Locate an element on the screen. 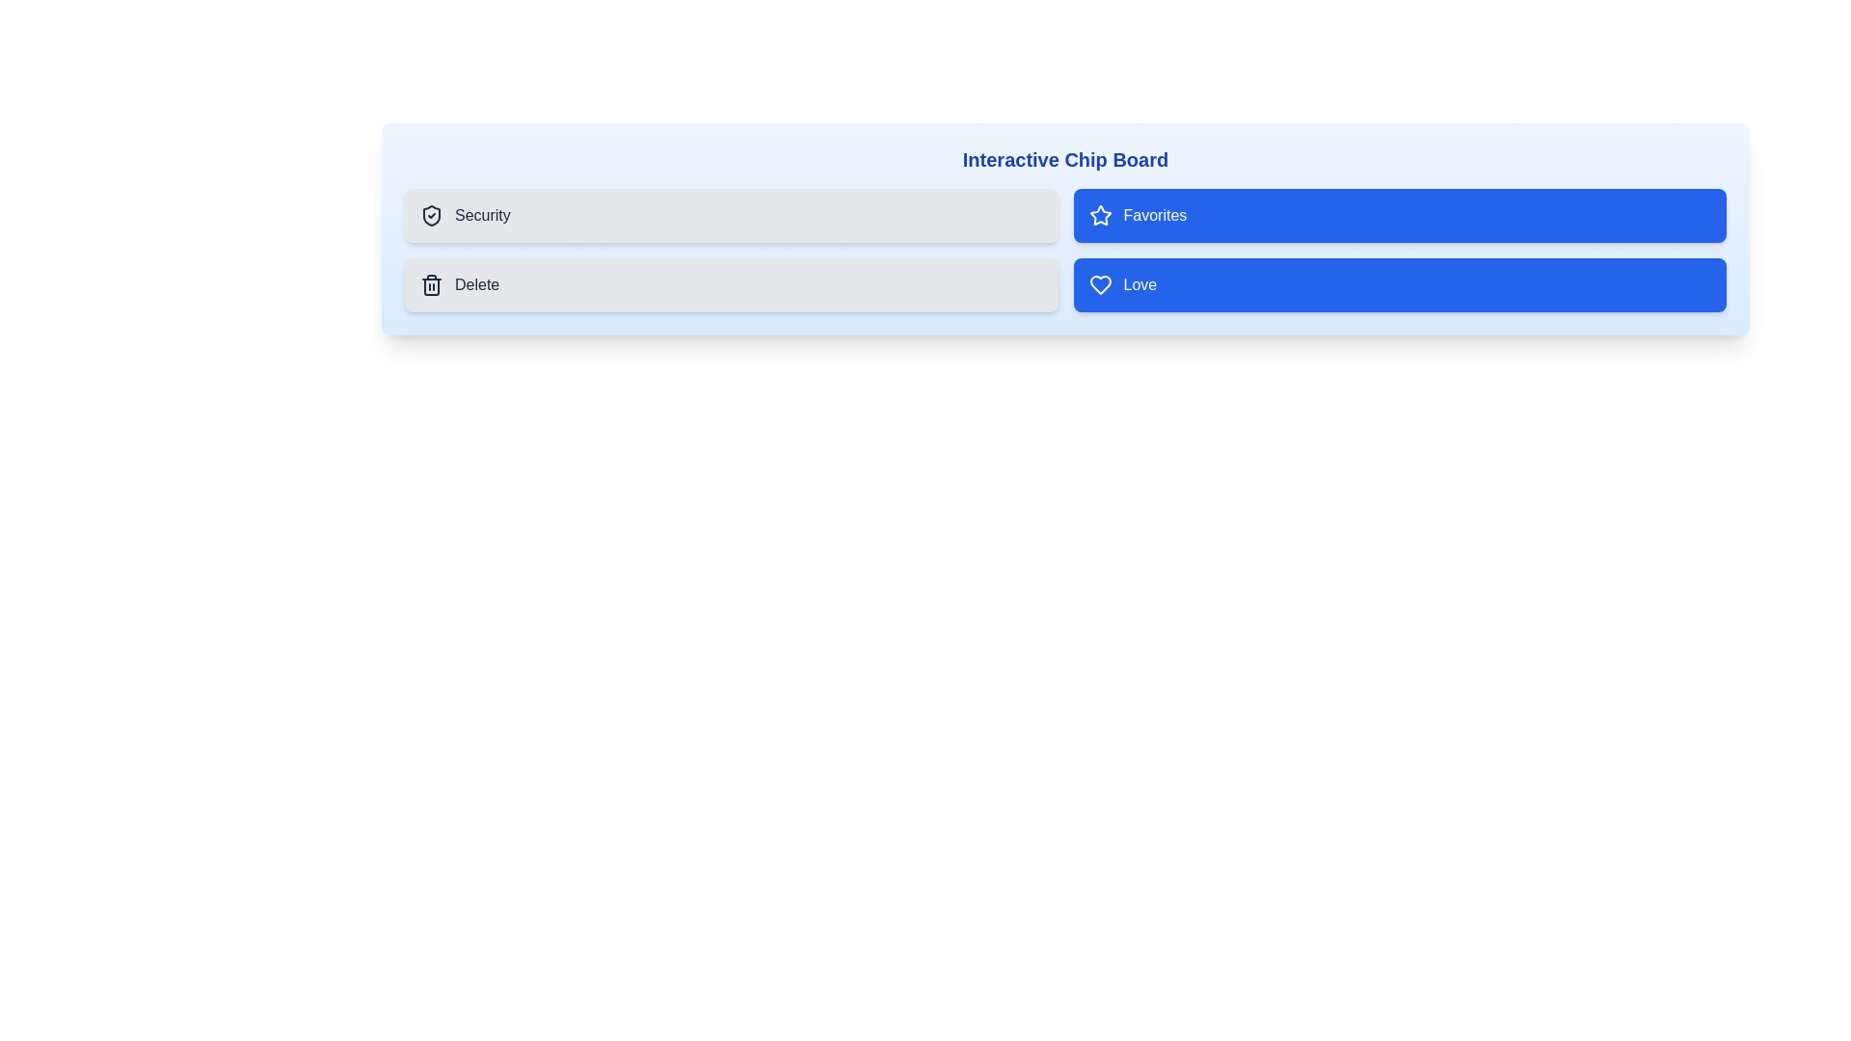 The width and height of the screenshot is (1851, 1041). the chip labeled Delete to toggle its active state is located at coordinates (730, 285).